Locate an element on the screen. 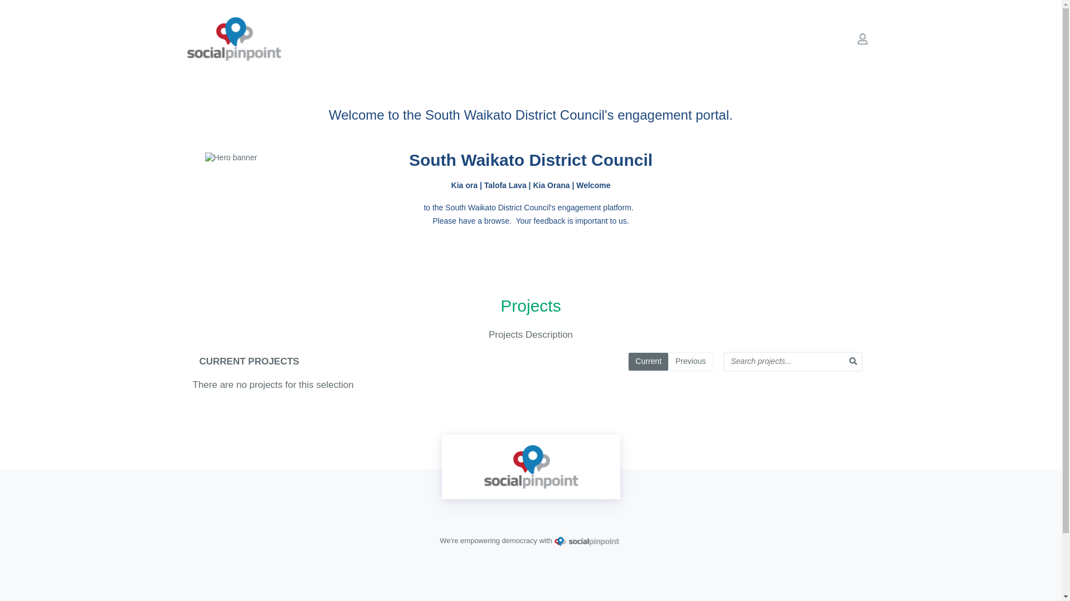 This screenshot has width=1070, height=601. 'Previous' is located at coordinates (689, 362).